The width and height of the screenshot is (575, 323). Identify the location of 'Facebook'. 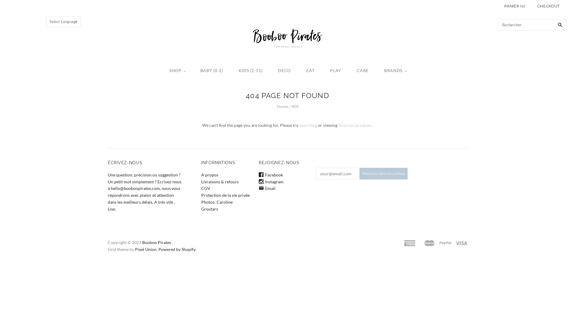
(270, 175).